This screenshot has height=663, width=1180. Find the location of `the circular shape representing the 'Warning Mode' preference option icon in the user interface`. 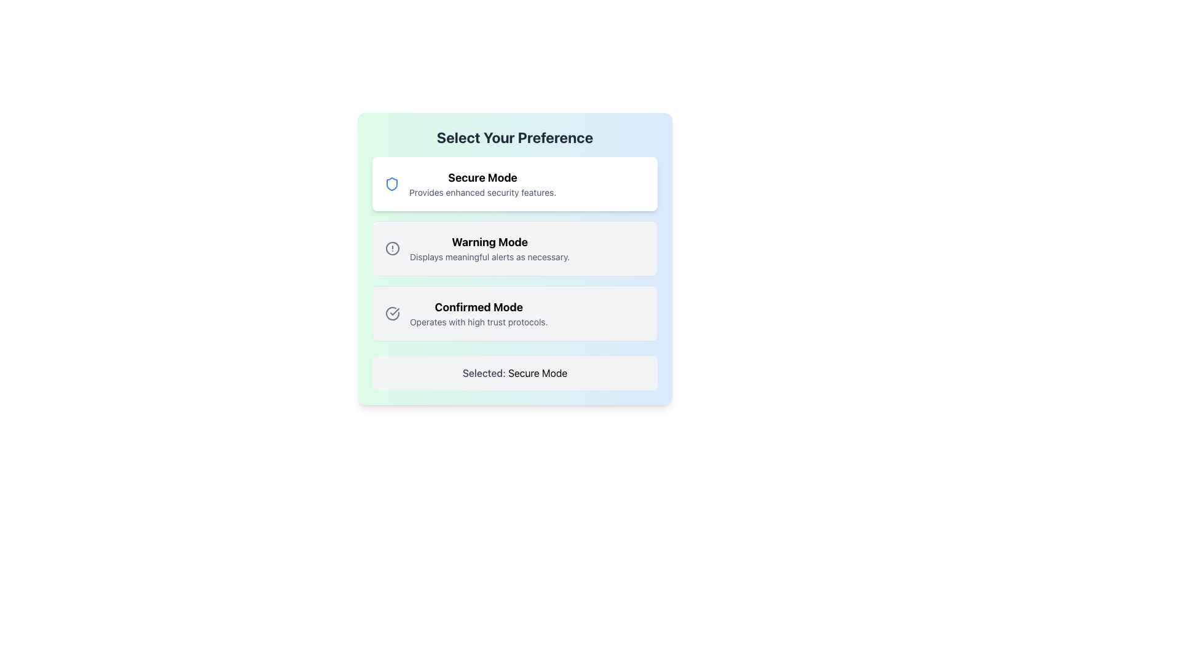

the circular shape representing the 'Warning Mode' preference option icon in the user interface is located at coordinates (391, 249).